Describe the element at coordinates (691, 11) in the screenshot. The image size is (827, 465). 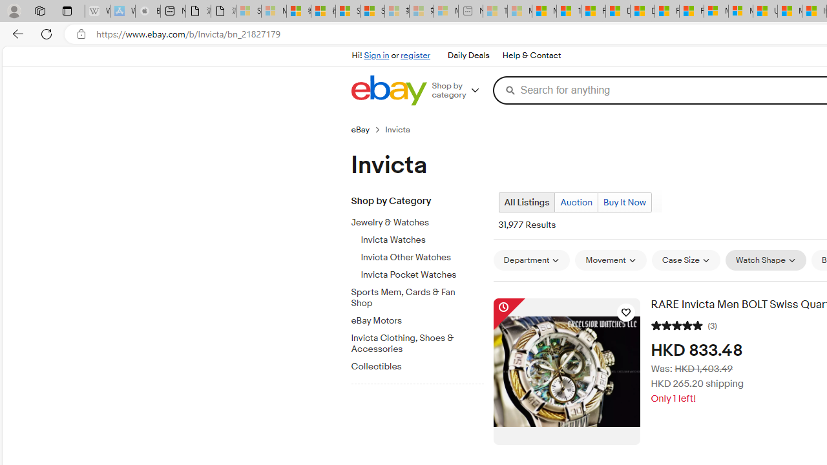
I see `'Foo BAR | Trusted Community Engagement and Contributions'` at that location.